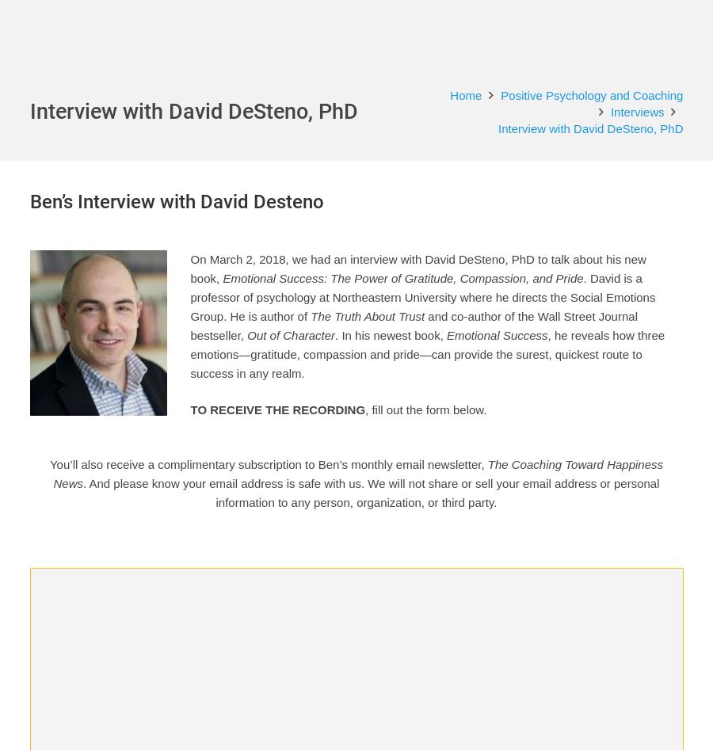  What do you see at coordinates (41, 474) in the screenshot?
I see `'done.'` at bounding box center [41, 474].